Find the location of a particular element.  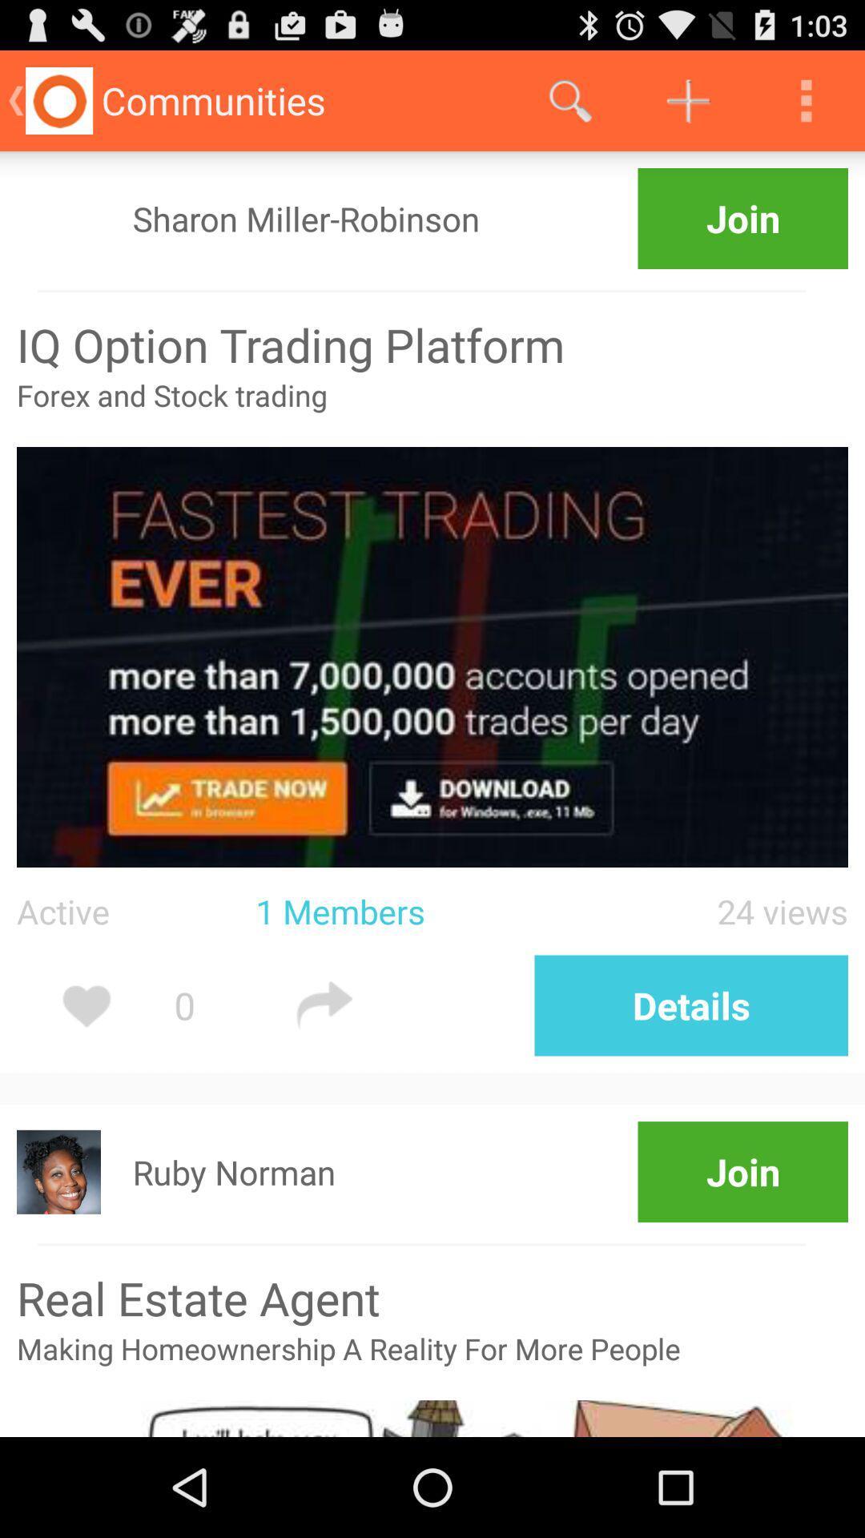

a image which is below forex and stock trading text is located at coordinates (432, 657).